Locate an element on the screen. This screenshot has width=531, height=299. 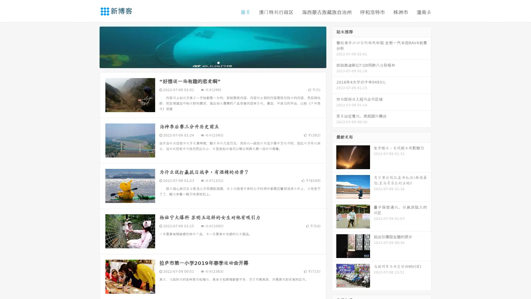
Go to slide 1 is located at coordinates (207, 62).